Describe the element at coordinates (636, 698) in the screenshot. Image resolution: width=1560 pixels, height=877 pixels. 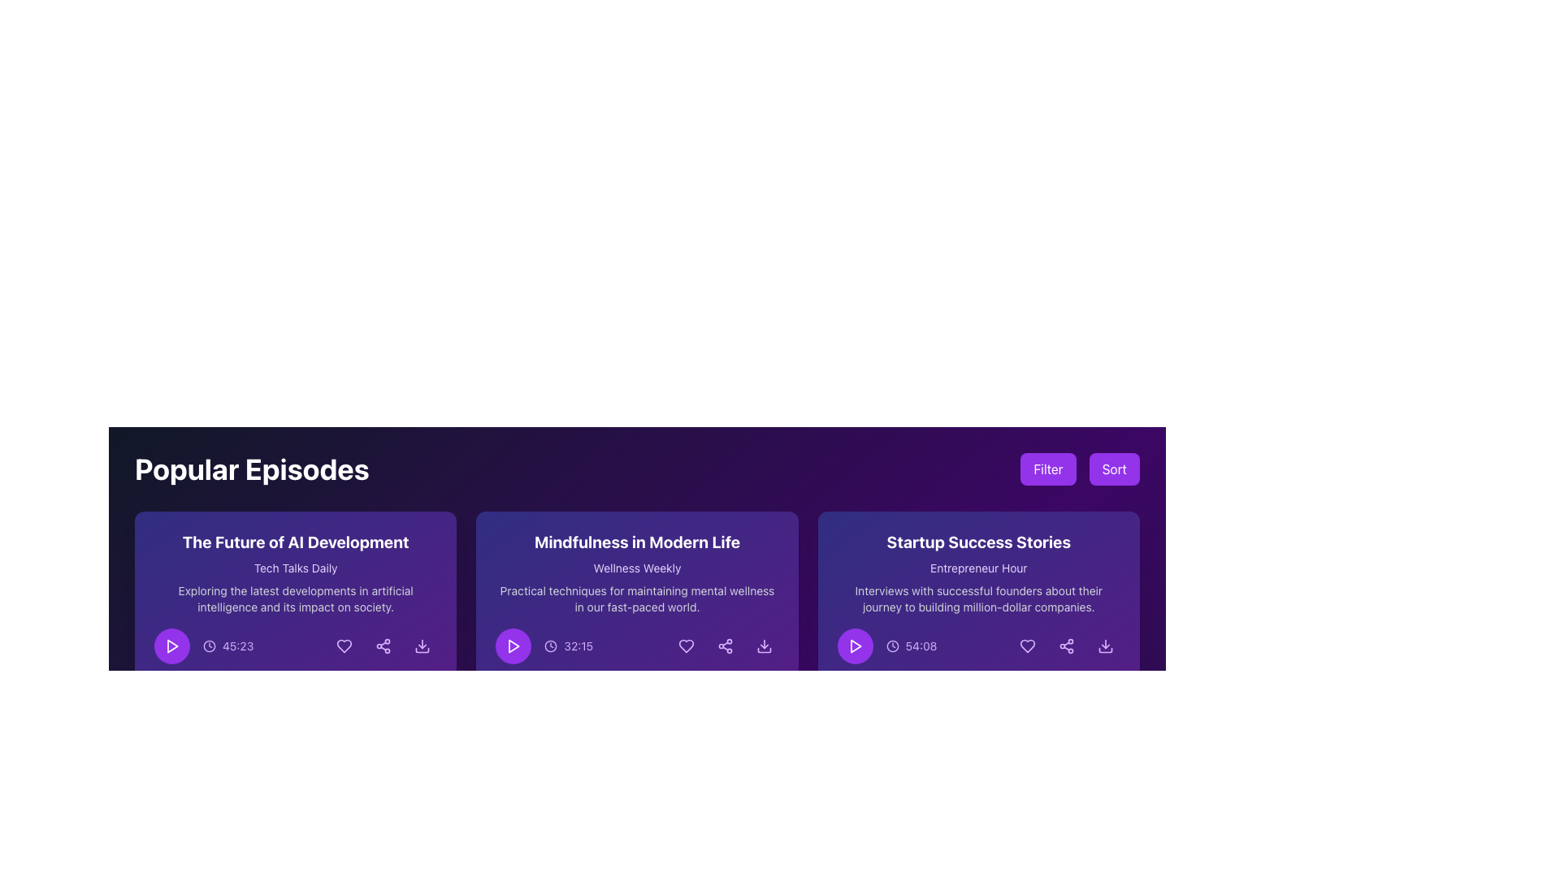
I see `the information displayed for the number of listeners in the second podcast episode card, located beneath the play button and time duration for 'Mindfulness in Modern Life'` at that location.